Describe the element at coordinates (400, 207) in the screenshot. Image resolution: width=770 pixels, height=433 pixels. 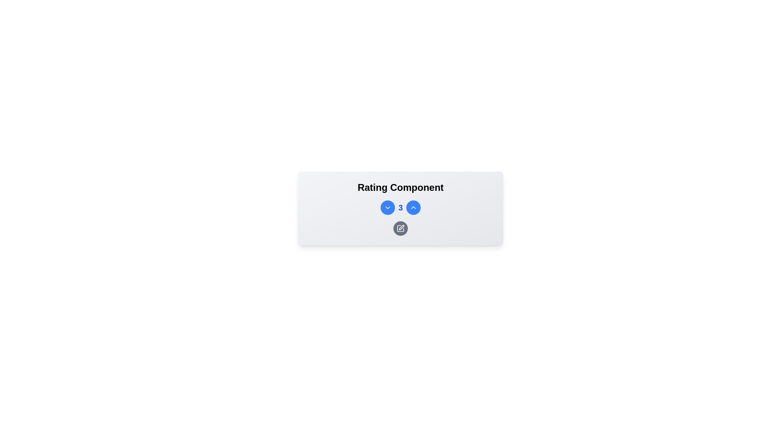
I see `the bold blue number '3' label in the numeric selector interface, positioned between the upward and downward arrow buttons` at that location.